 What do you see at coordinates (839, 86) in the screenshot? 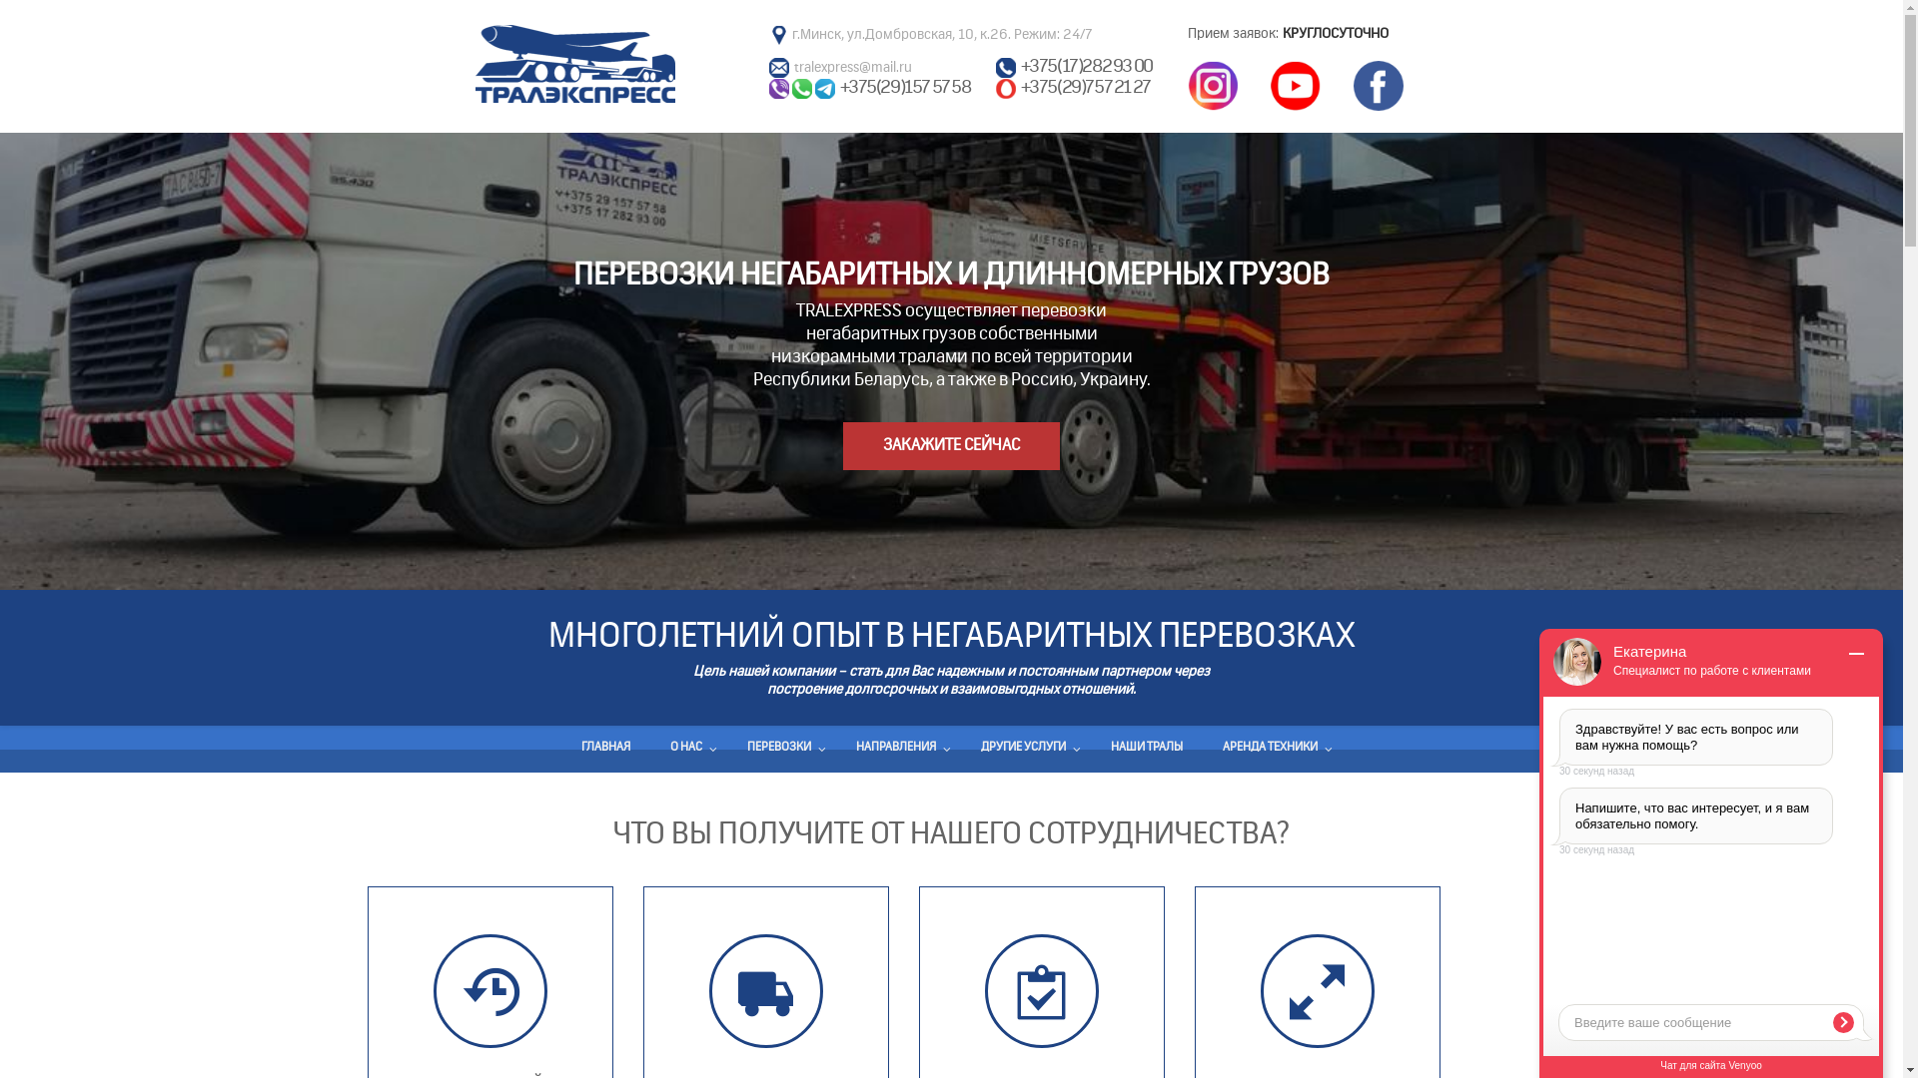
I see `'+375(29)157 57 58'` at bounding box center [839, 86].